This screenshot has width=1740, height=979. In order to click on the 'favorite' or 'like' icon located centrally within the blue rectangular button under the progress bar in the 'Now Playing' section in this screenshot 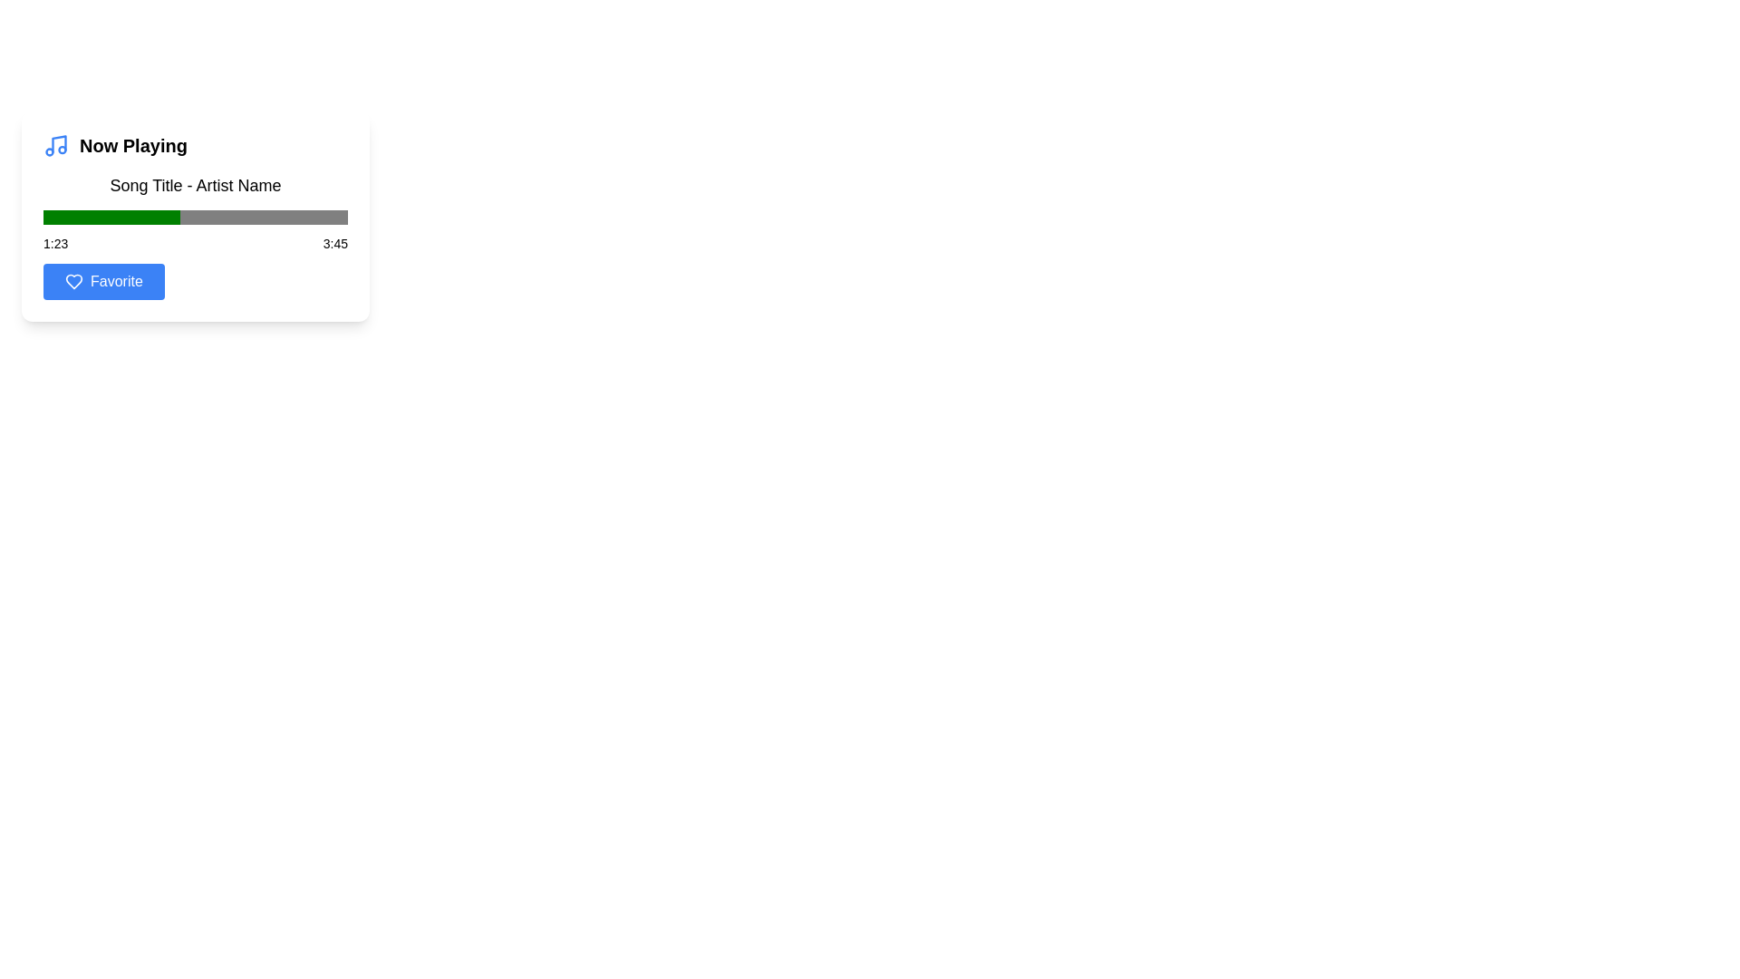, I will do `click(72, 282)`.